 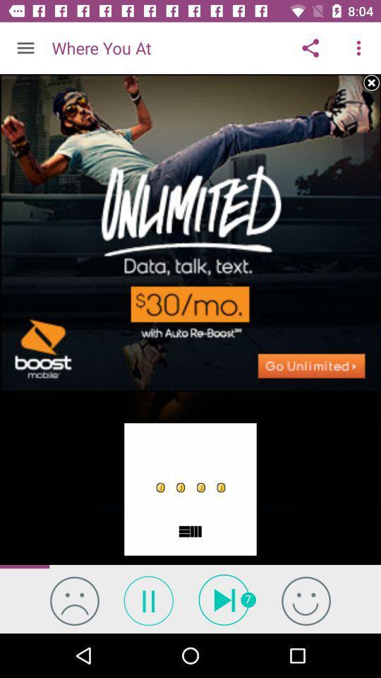 What do you see at coordinates (227, 599) in the screenshot?
I see `the skip_next icon` at bounding box center [227, 599].